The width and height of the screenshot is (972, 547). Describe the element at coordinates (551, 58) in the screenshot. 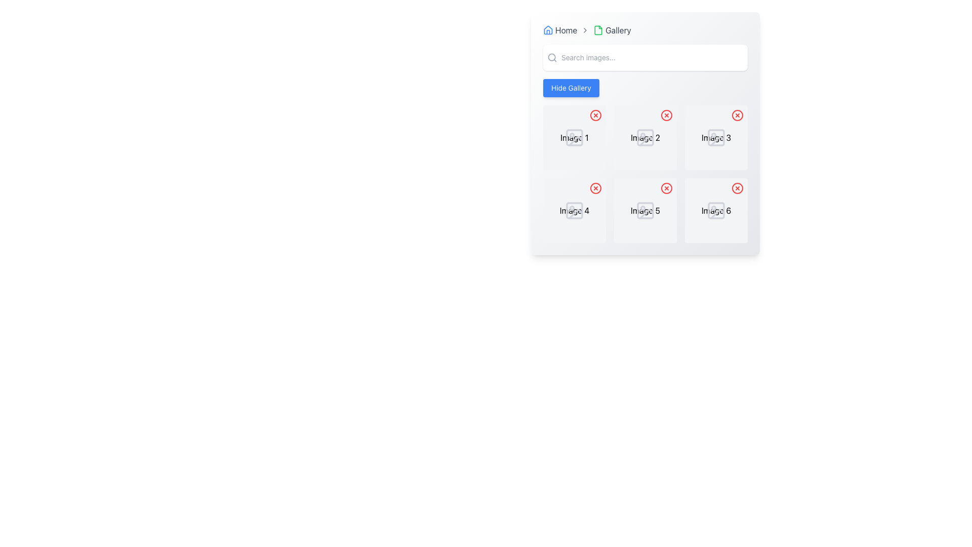

I see `the search icon, which is a circular magnifying glass with a thin gray outline, located at the leftmost side of the header section, adjacent to the 'Search images...' text input` at that location.